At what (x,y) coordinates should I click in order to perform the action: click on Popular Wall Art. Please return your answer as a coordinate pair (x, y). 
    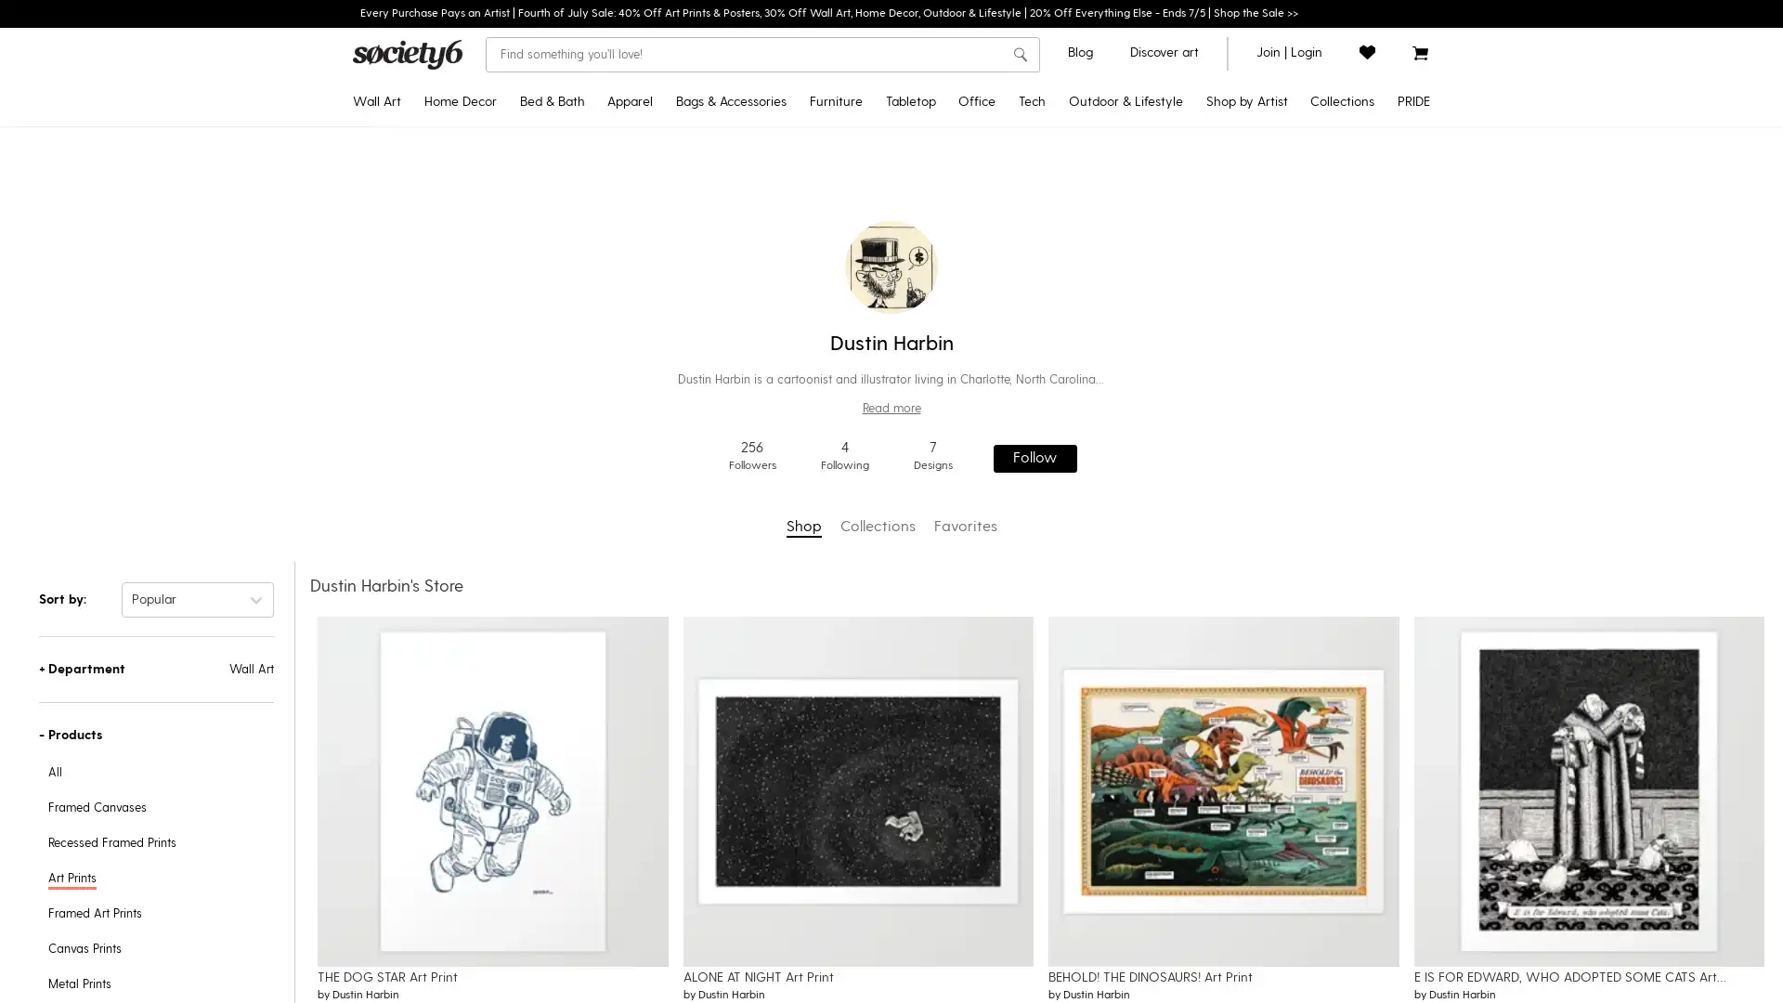
    Looking at the image, I should click on (1273, 268).